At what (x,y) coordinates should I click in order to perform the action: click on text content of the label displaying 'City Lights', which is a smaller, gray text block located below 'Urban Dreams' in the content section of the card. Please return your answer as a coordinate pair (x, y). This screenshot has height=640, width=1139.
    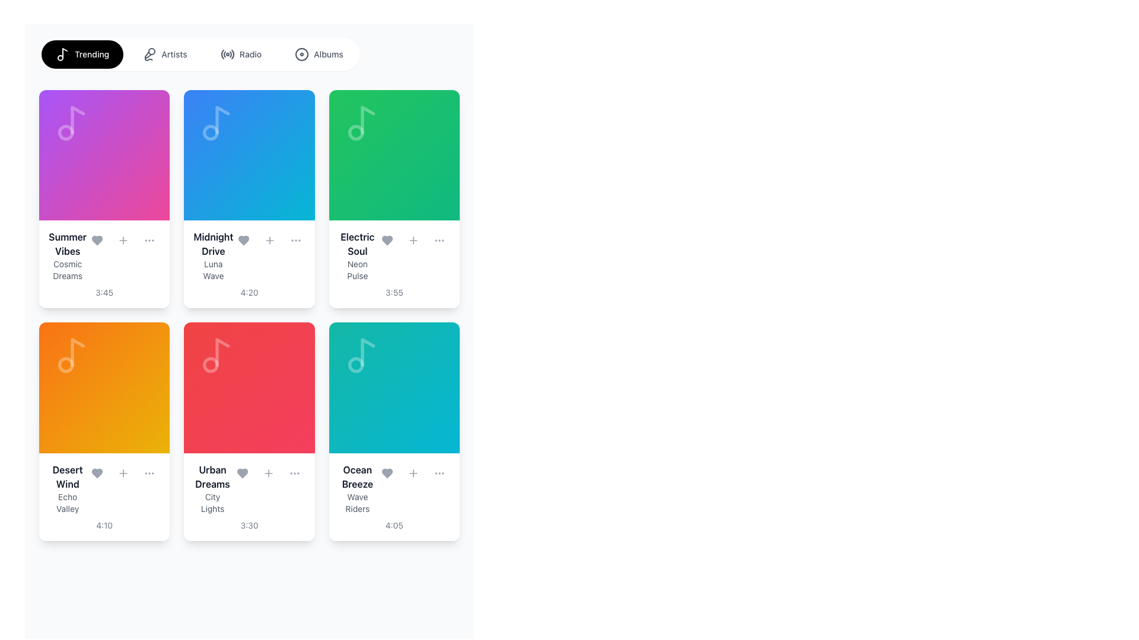
    Looking at the image, I should click on (212, 503).